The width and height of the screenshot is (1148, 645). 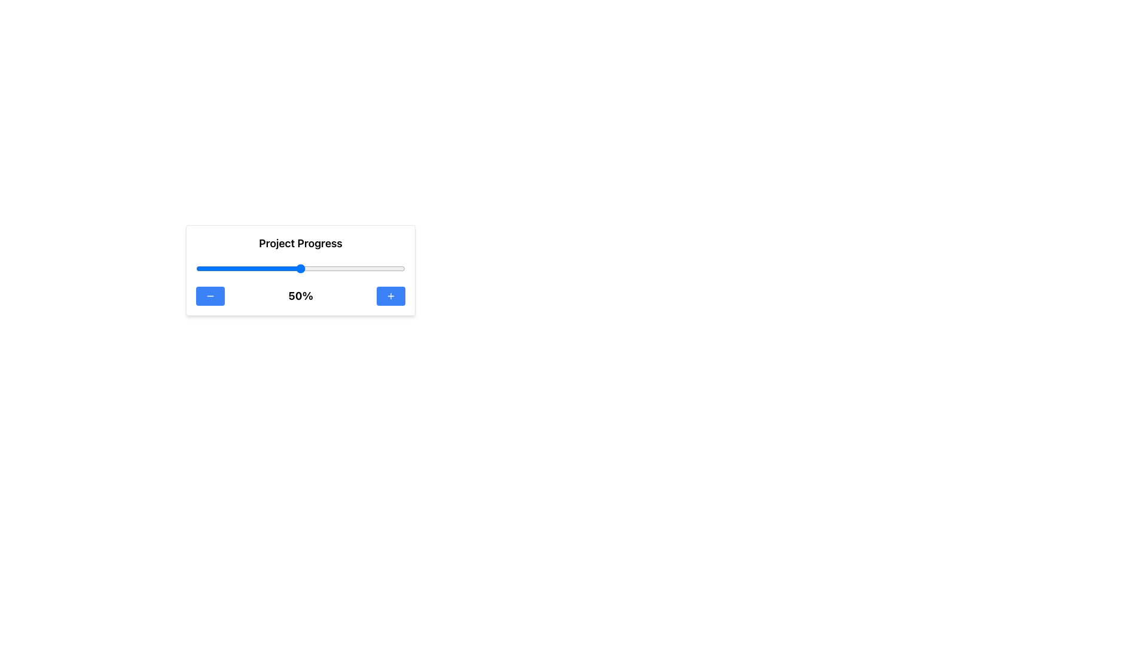 What do you see at coordinates (303, 269) in the screenshot?
I see `the project progress` at bounding box center [303, 269].